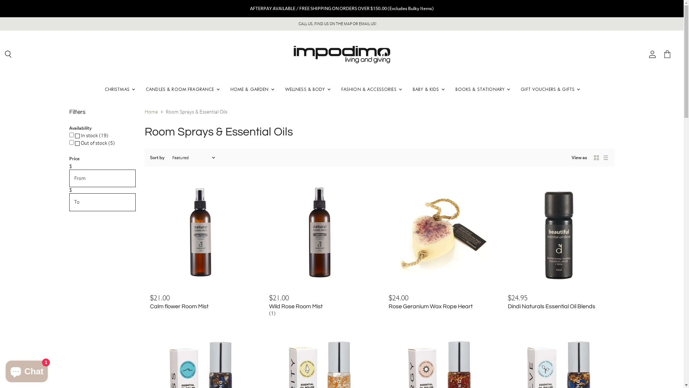 The height and width of the screenshot is (388, 689). What do you see at coordinates (179, 306) in the screenshot?
I see `'Calm flower Room Mist'` at bounding box center [179, 306].